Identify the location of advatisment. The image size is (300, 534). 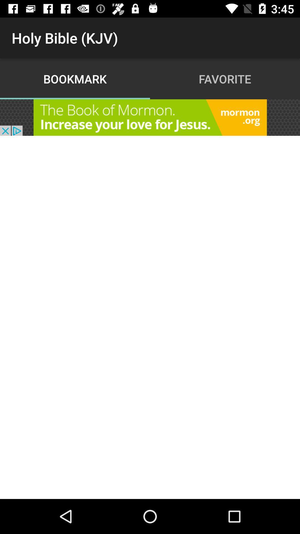
(150, 117).